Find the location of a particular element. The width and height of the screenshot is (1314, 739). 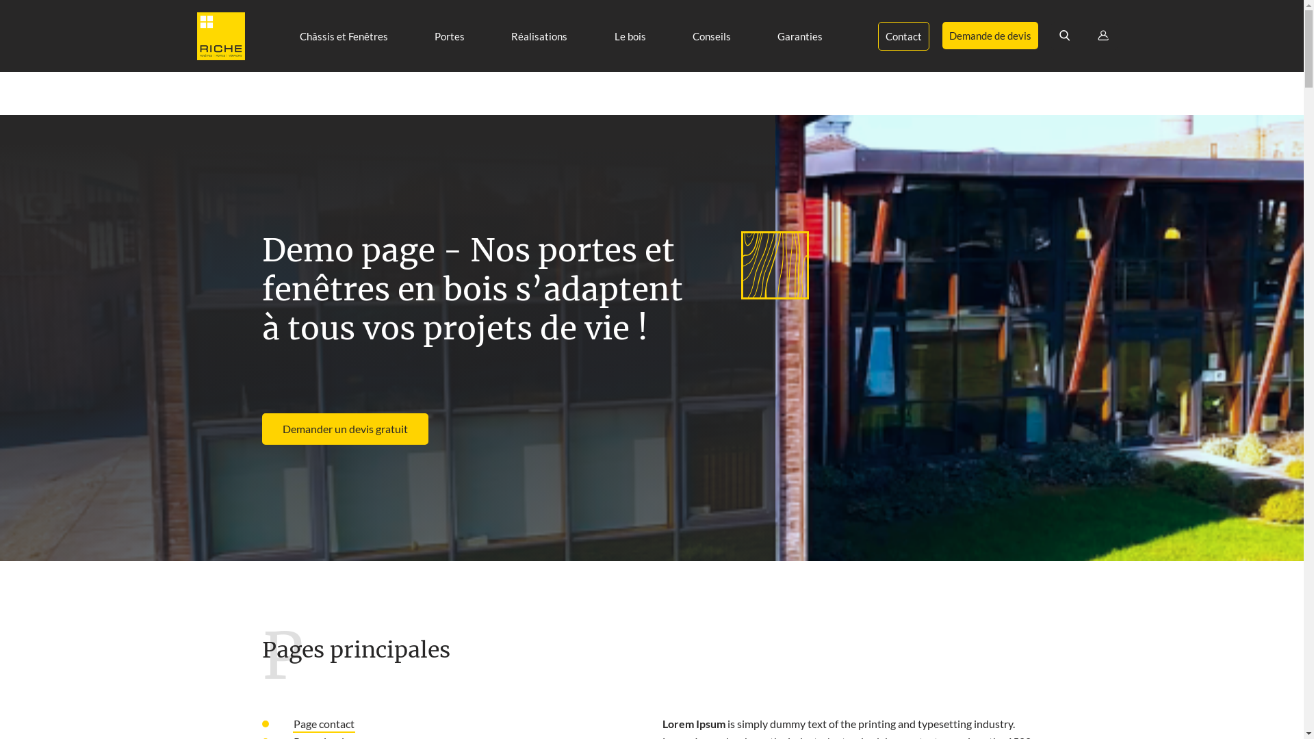

'Page contact' is located at coordinates (323, 723).